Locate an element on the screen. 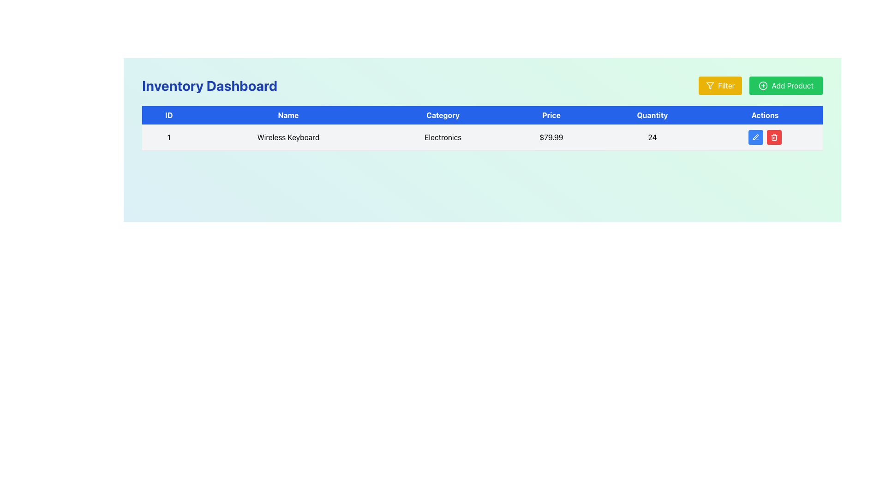 The width and height of the screenshot is (886, 498). the pen icon in the 'Actions' column of the first row of the data table is located at coordinates (755, 137).